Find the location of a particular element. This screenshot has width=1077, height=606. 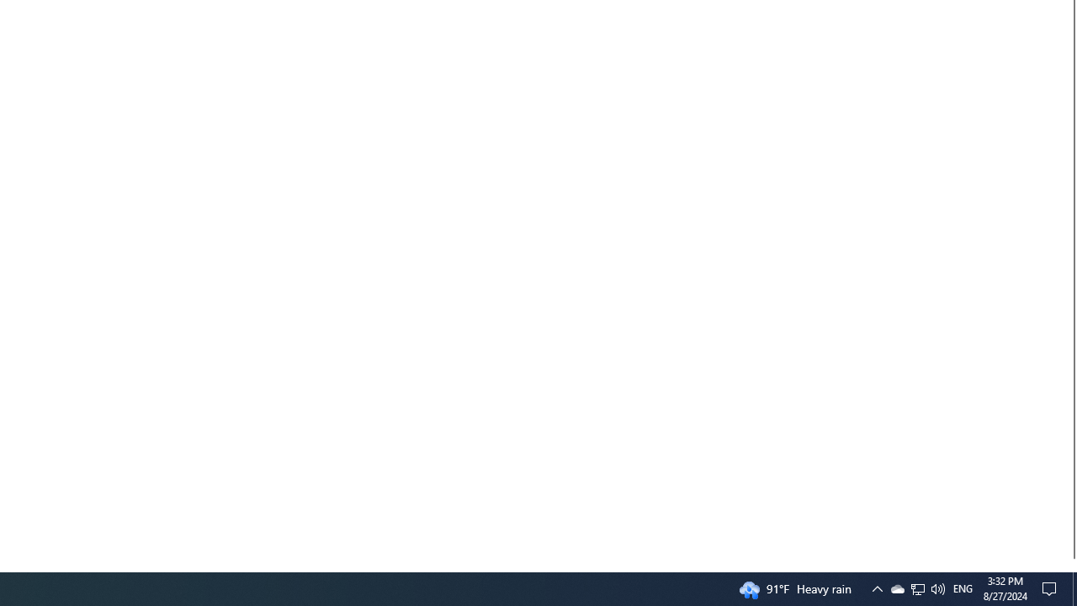

'Action Center, No new notifications' is located at coordinates (1052, 587).